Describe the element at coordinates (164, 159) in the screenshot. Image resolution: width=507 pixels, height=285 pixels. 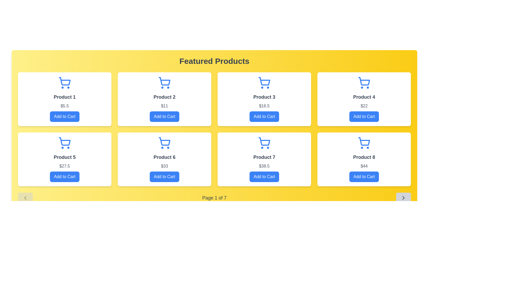
I see `the 'Product 6' text on the product display card located in the second row and third column of the grid layout` at that location.